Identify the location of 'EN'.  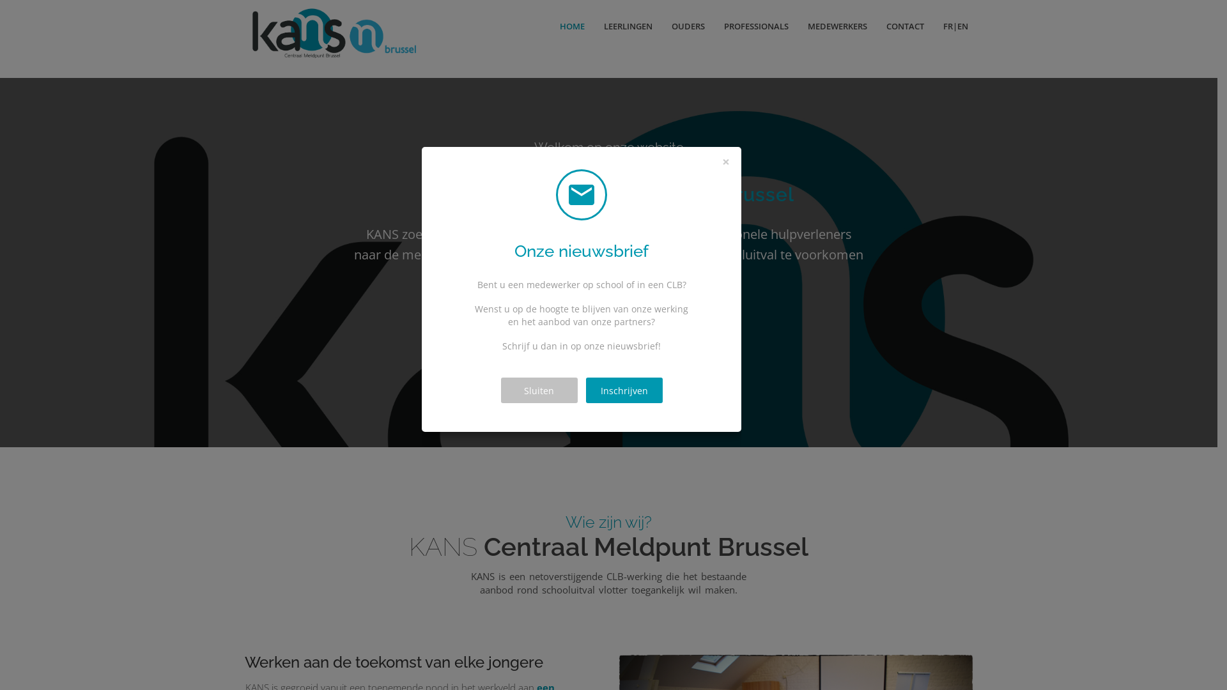
(967, 26).